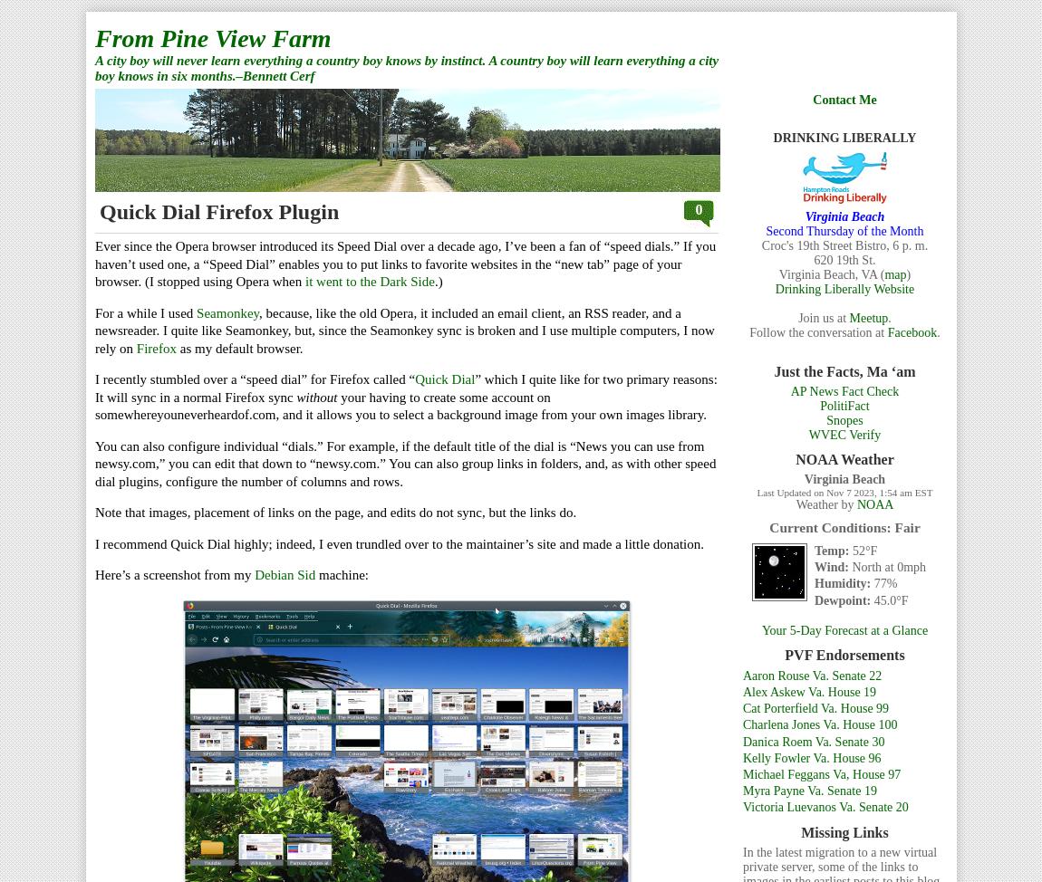 The width and height of the screenshot is (1042, 882). What do you see at coordinates (445, 379) in the screenshot?
I see `'Quick Dial'` at bounding box center [445, 379].